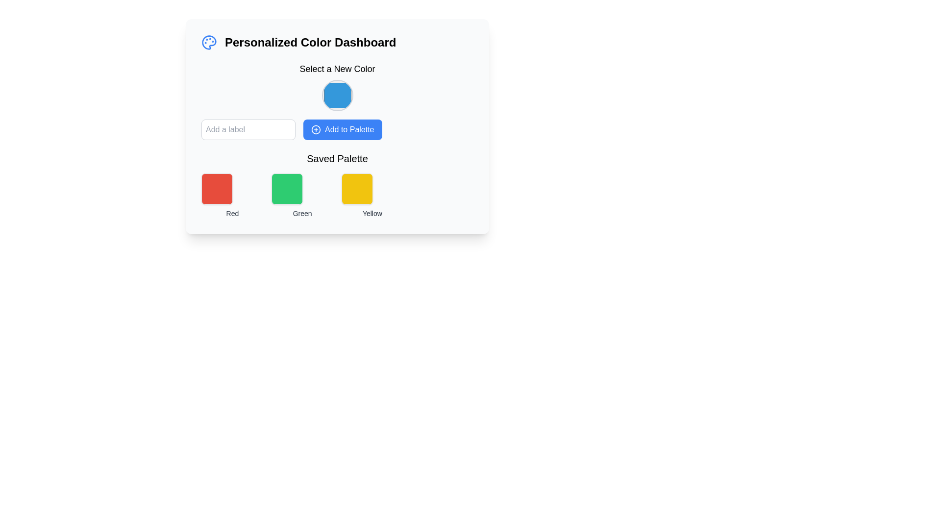 This screenshot has width=941, height=529. What do you see at coordinates (356, 189) in the screenshot?
I see `the selectable color button labeled 'Yellow' in the 'Saved Palette' section` at bounding box center [356, 189].